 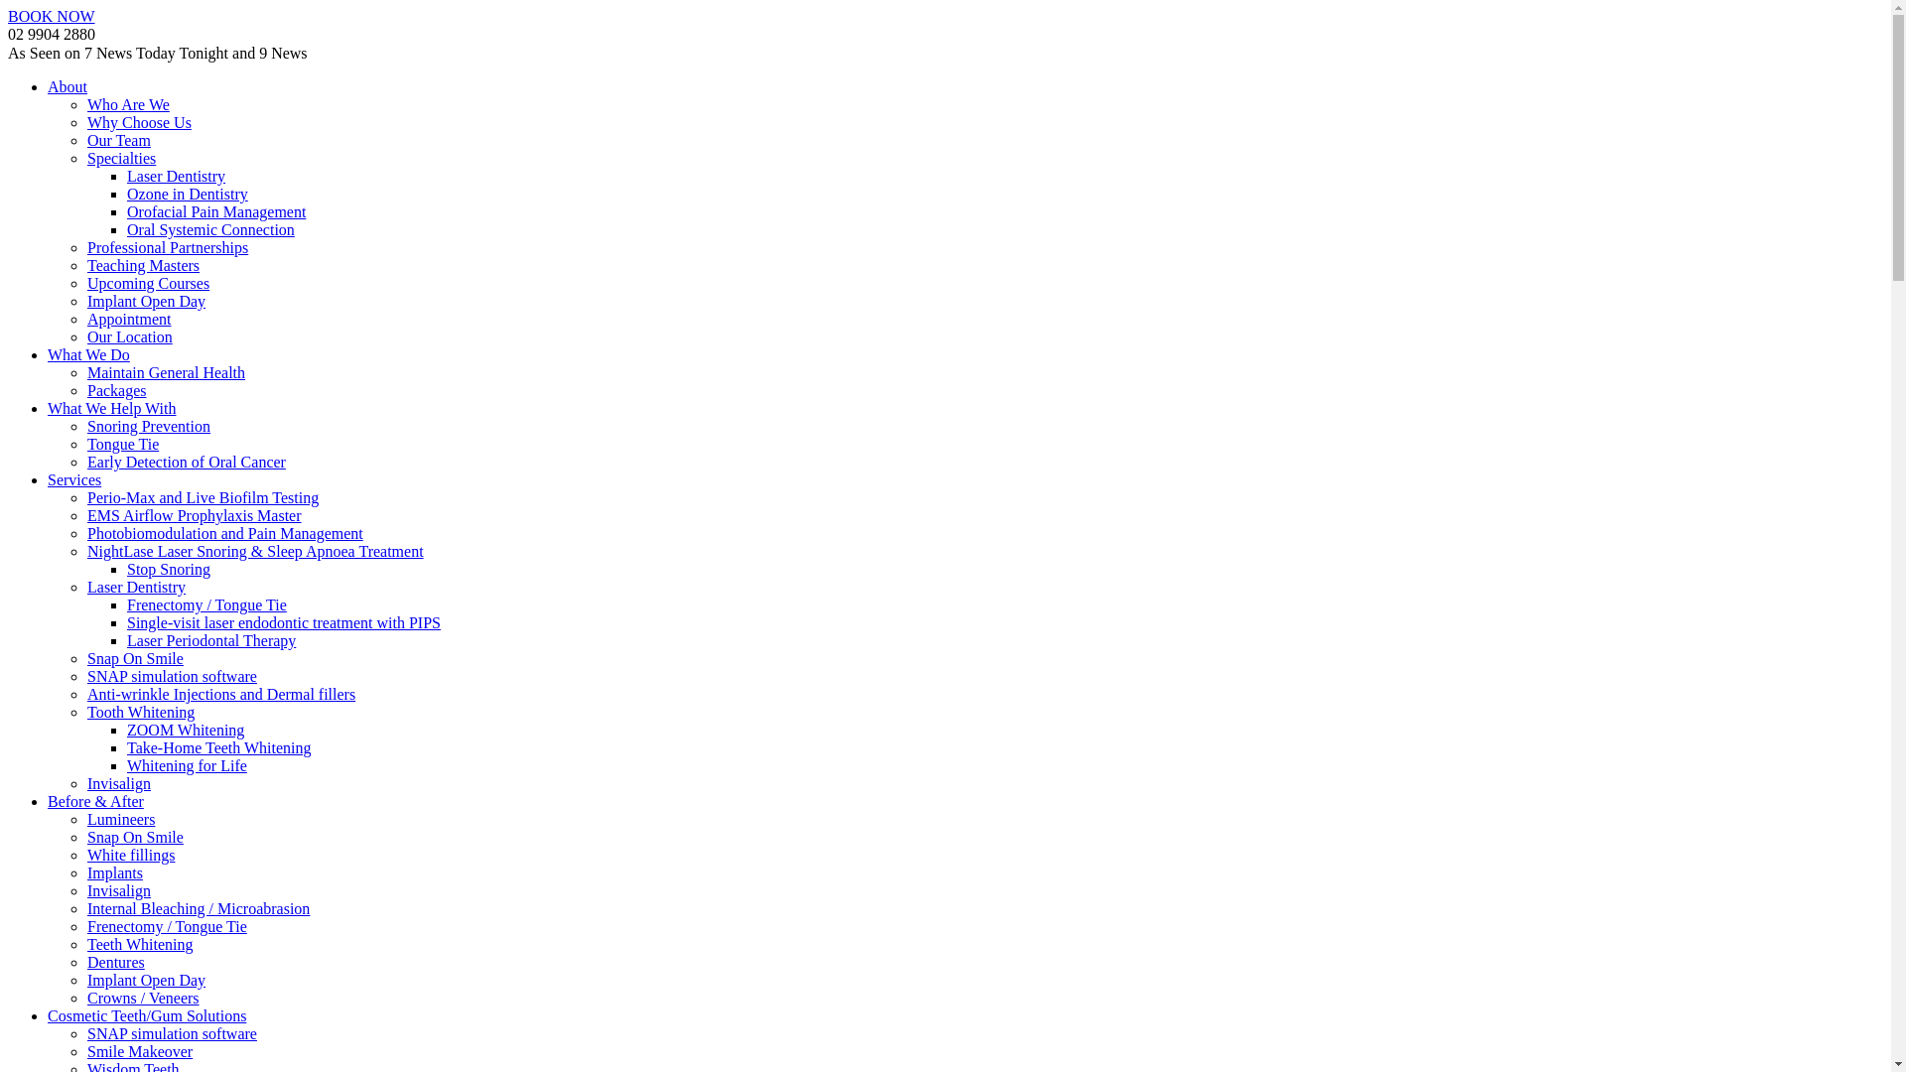 What do you see at coordinates (126, 194) in the screenshot?
I see `'Ozone in Dentistry'` at bounding box center [126, 194].